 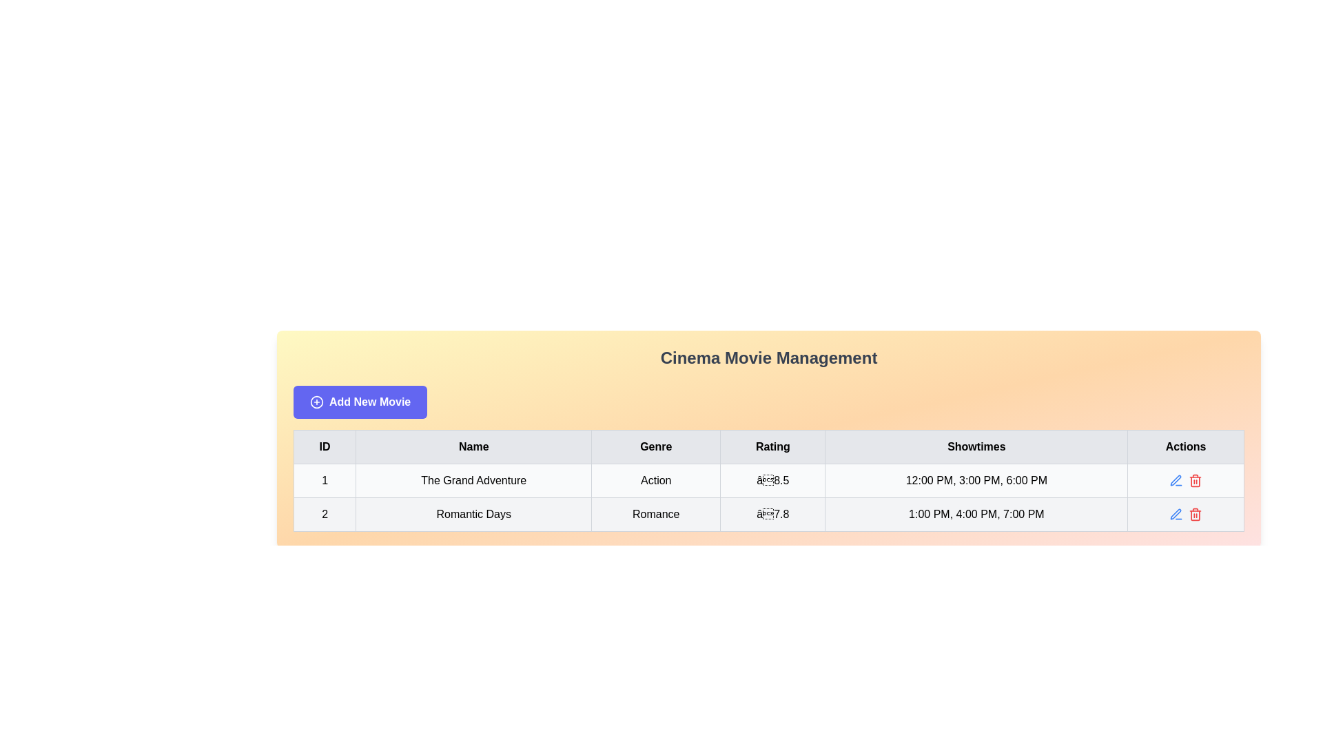 What do you see at coordinates (473, 446) in the screenshot?
I see `the Table Header Cell labeled 'Name', which is the second column in the table header, positioned between 'ID' and 'Genre'` at bounding box center [473, 446].